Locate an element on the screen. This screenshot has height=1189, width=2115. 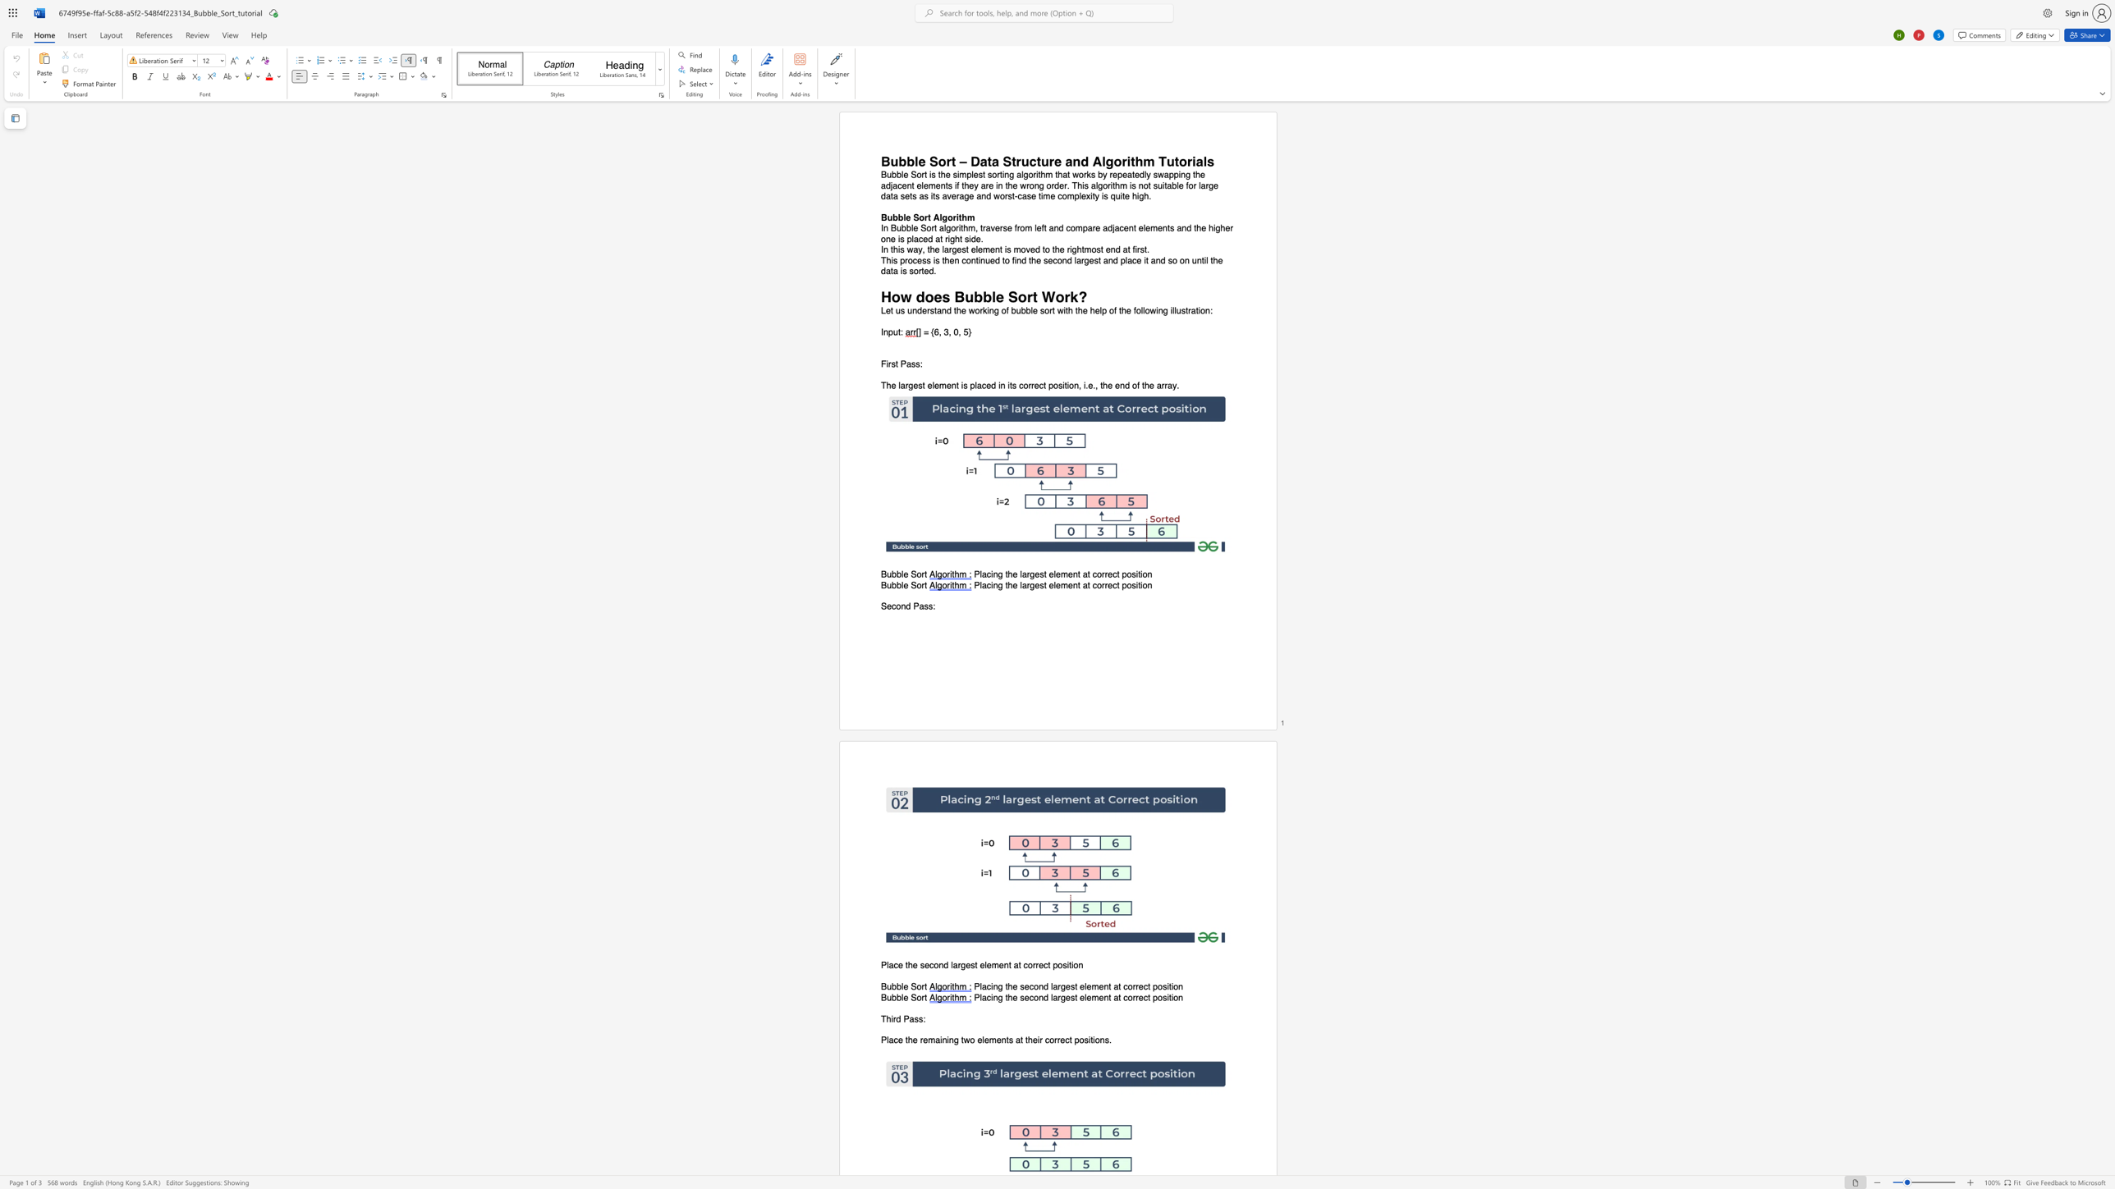
the space between the continuous character "r" and "t" in the text is located at coordinates (924, 987).